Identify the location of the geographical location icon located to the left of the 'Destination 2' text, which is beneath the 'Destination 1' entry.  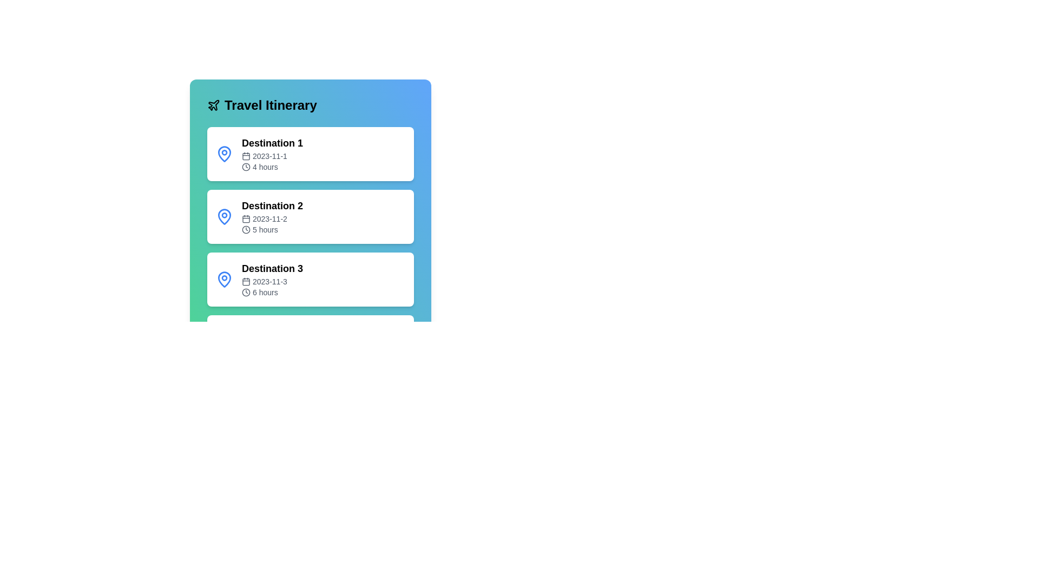
(223, 217).